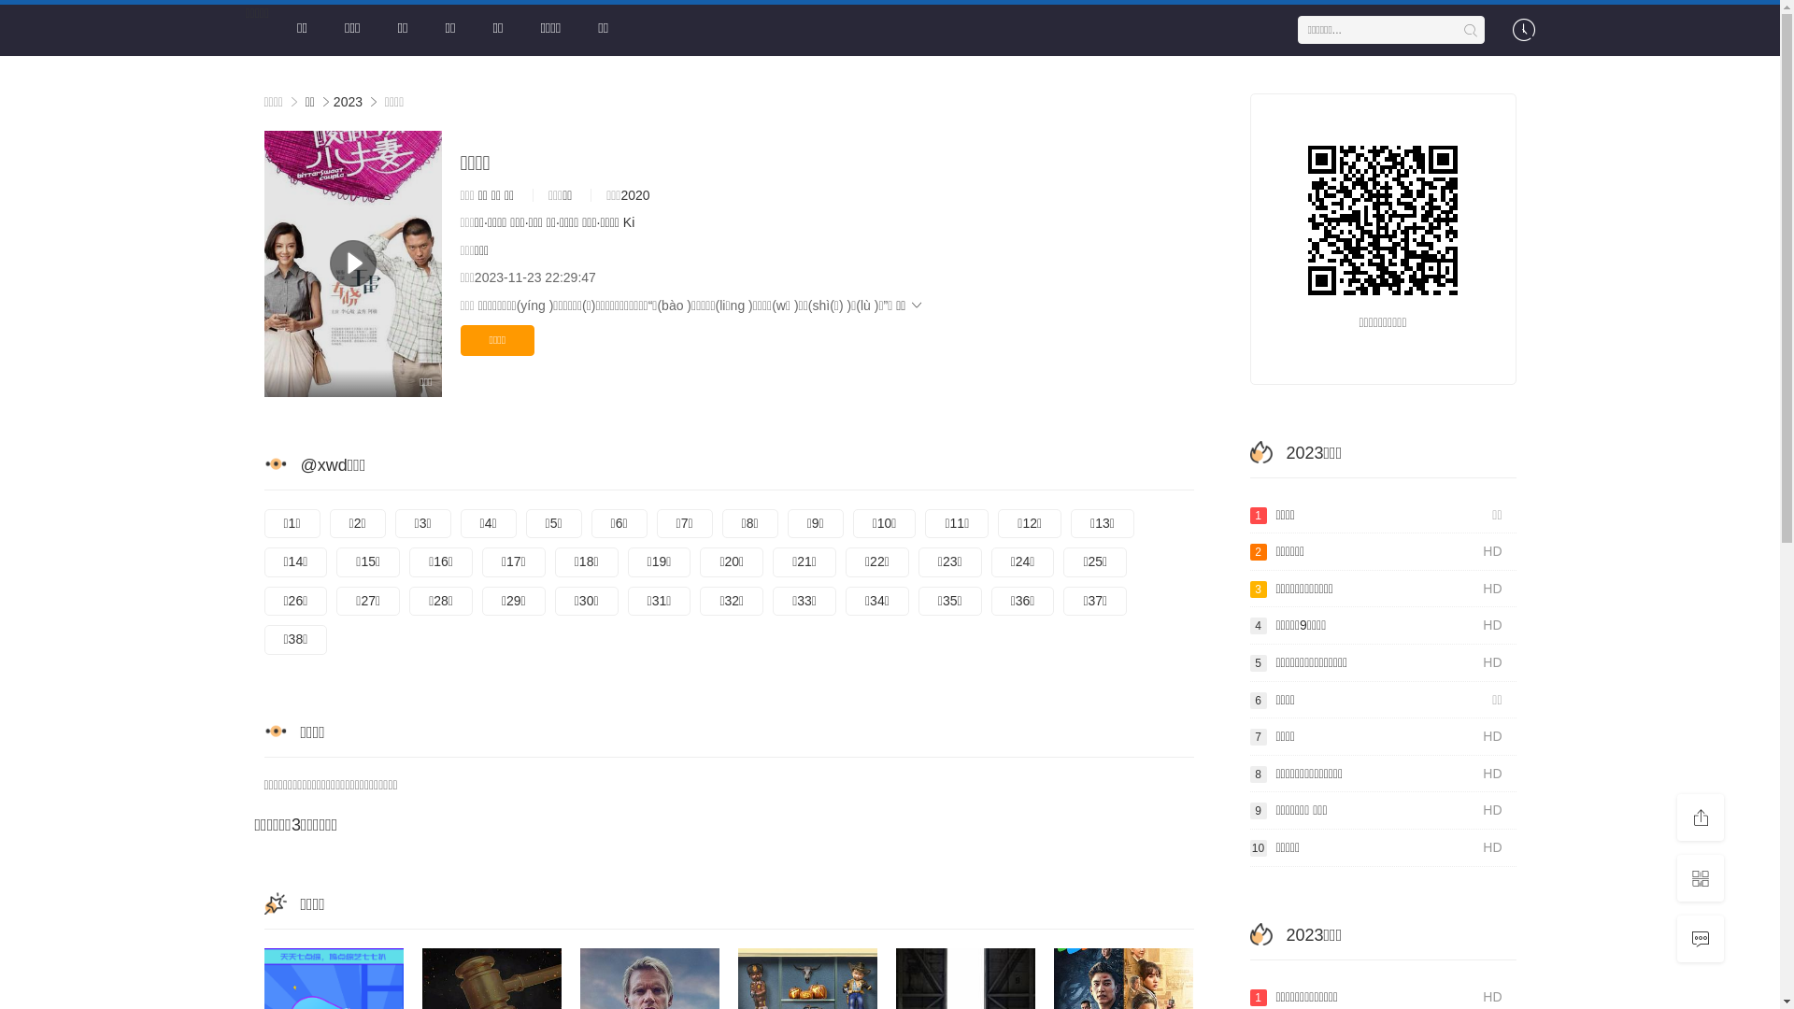 The height and width of the screenshot is (1009, 1794). Describe the element at coordinates (628, 221) in the screenshot. I see `'Ki'` at that location.